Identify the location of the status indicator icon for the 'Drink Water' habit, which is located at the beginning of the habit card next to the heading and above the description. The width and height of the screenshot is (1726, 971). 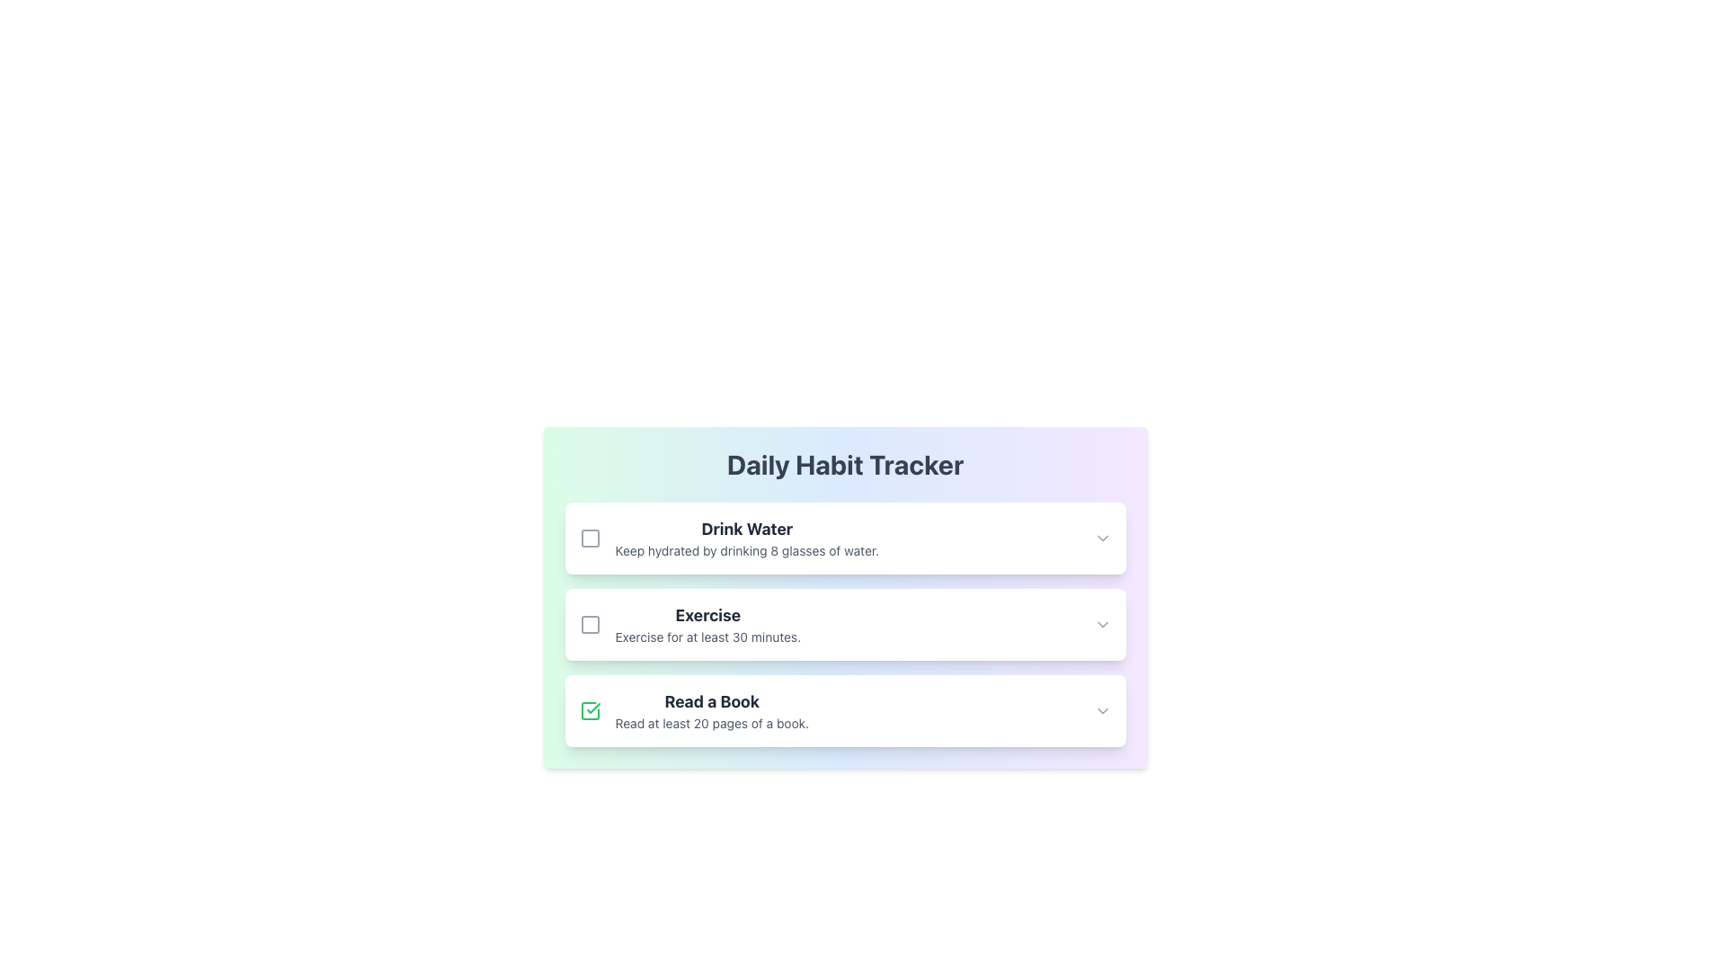
(590, 537).